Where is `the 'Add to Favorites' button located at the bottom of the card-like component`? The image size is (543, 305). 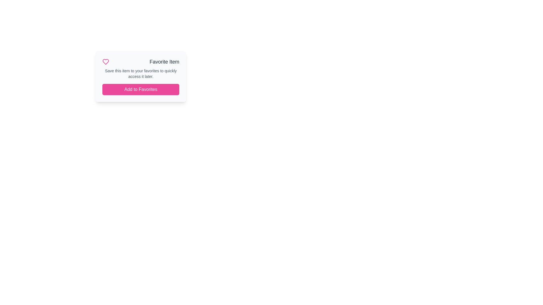
the 'Add to Favorites' button located at the bottom of the card-like component is located at coordinates (141, 89).